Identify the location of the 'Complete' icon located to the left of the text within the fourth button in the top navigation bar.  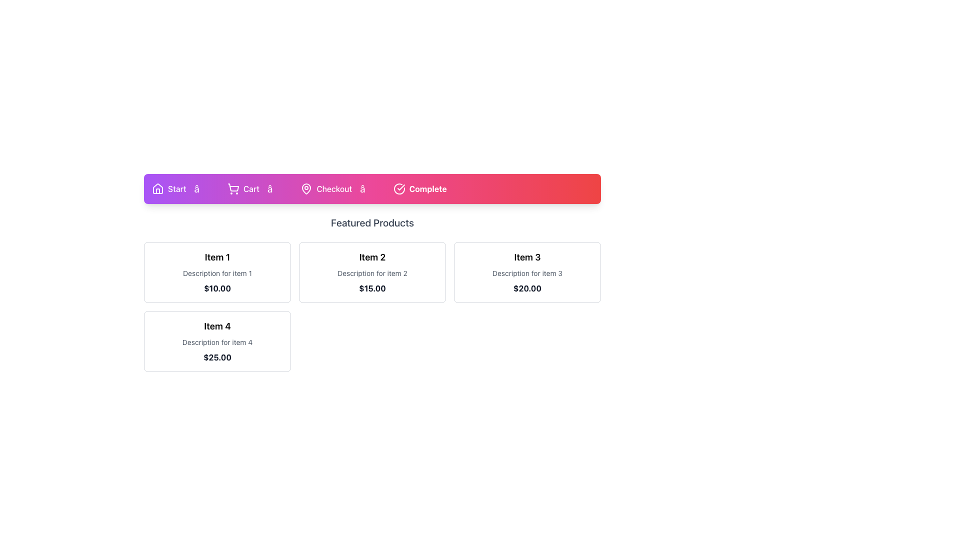
(398, 189).